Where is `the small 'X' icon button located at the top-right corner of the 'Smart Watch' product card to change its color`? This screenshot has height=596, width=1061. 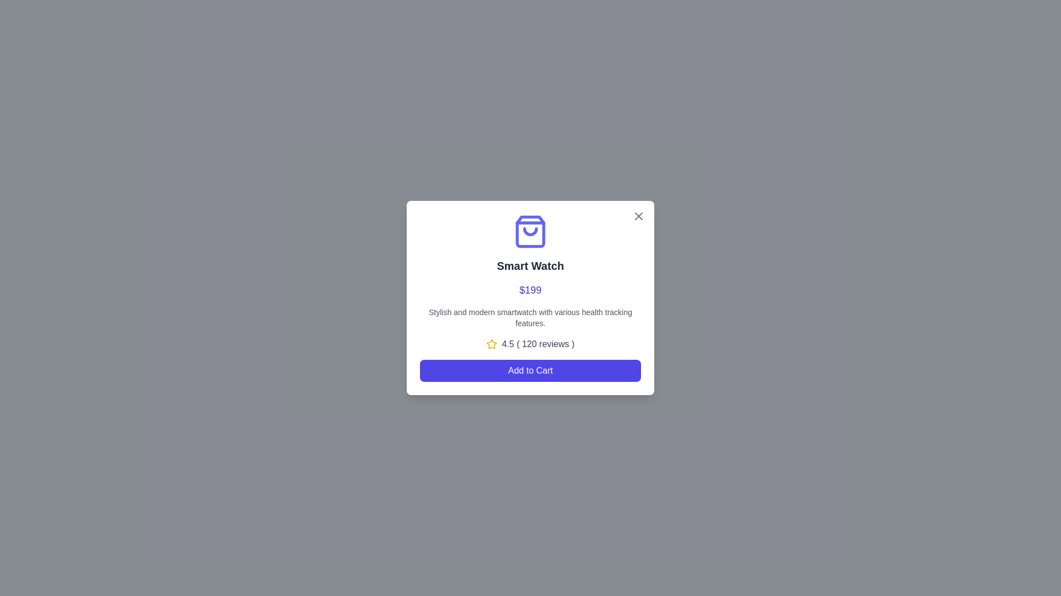 the small 'X' icon button located at the top-right corner of the 'Smart Watch' product card to change its color is located at coordinates (639, 216).